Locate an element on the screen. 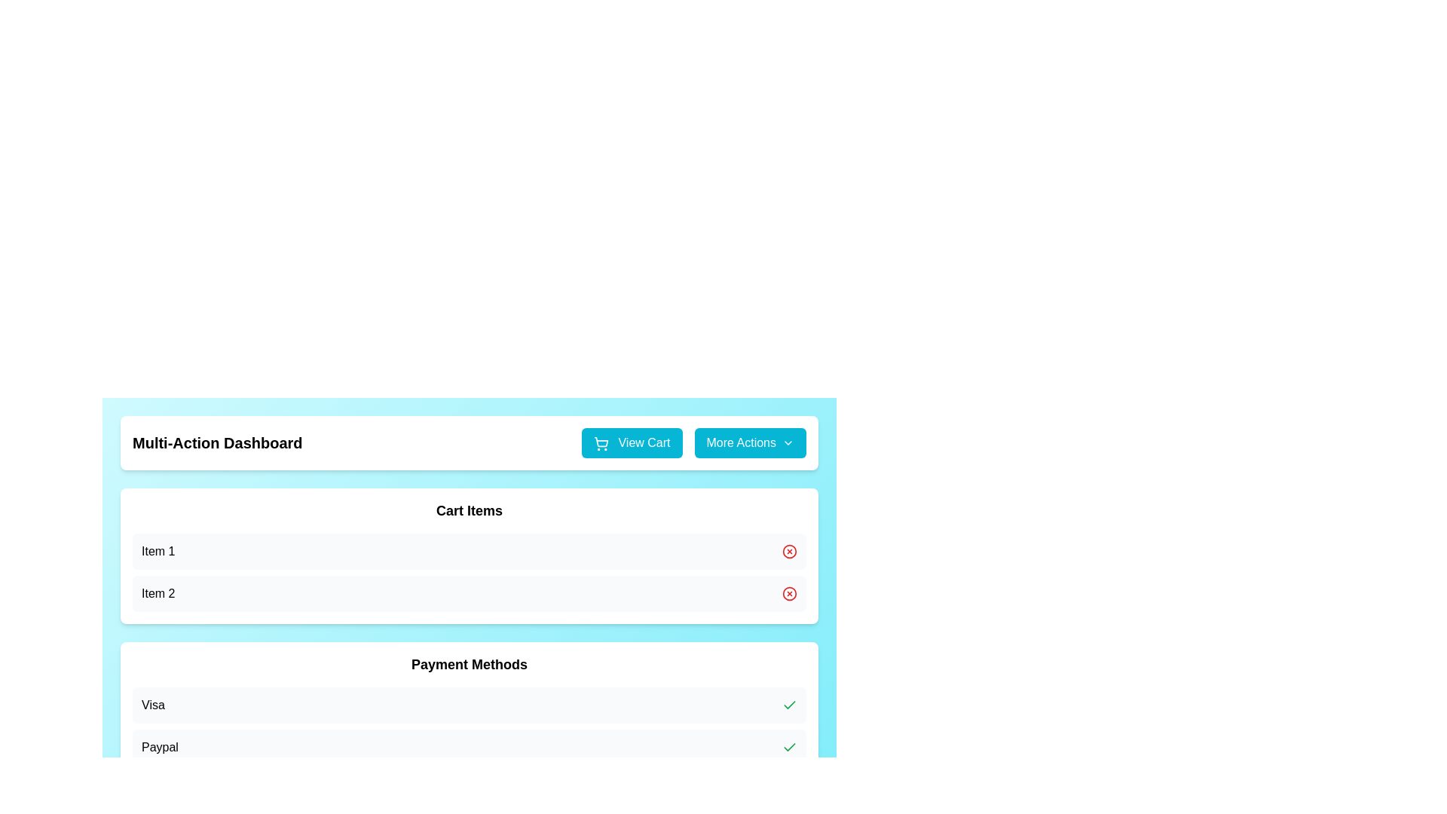  the delete button located on the right-hand side of the 'Item 2' entry in the 'Cart Items' section is located at coordinates (788, 592).